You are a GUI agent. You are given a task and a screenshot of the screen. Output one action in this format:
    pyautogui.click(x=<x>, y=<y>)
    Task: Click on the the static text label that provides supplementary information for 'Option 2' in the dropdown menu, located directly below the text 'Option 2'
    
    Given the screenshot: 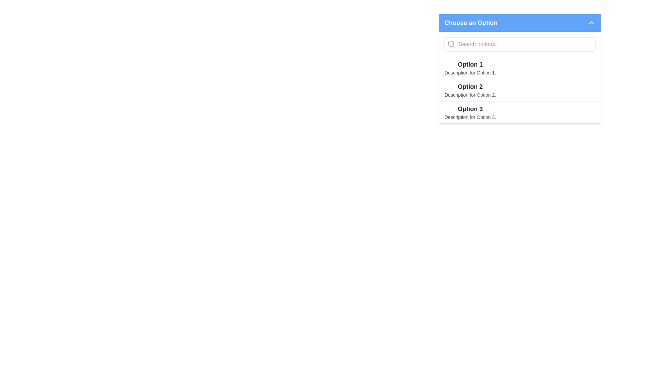 What is the action you would take?
    pyautogui.click(x=470, y=95)
    